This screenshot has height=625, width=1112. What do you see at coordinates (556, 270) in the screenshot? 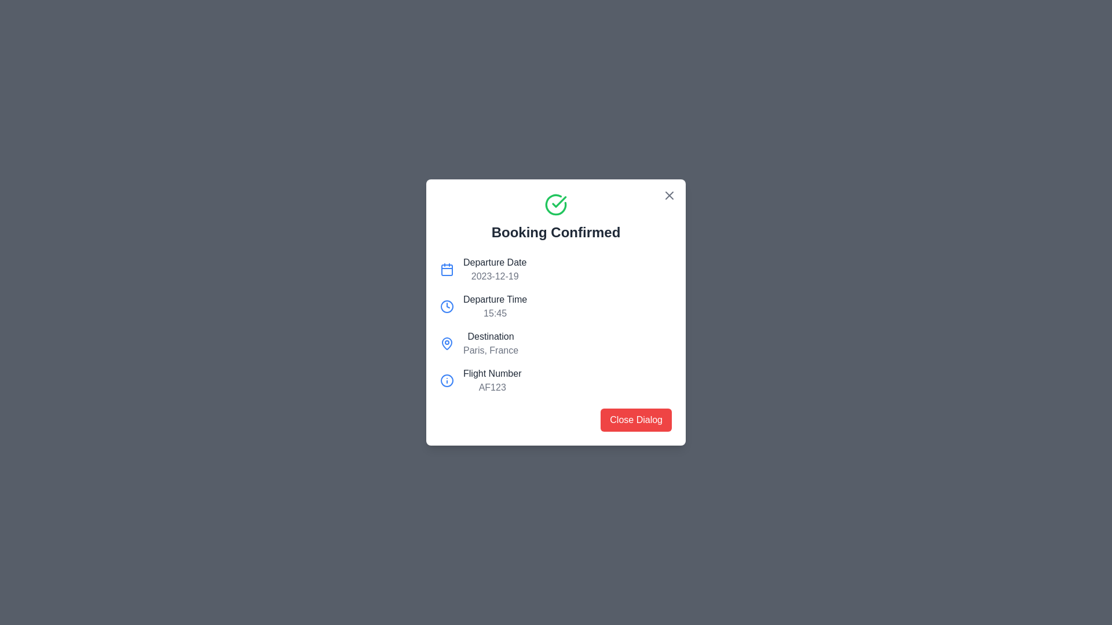
I see `the departure date information component, which is the first item in the vertical list of information components in a modal dialog` at bounding box center [556, 270].